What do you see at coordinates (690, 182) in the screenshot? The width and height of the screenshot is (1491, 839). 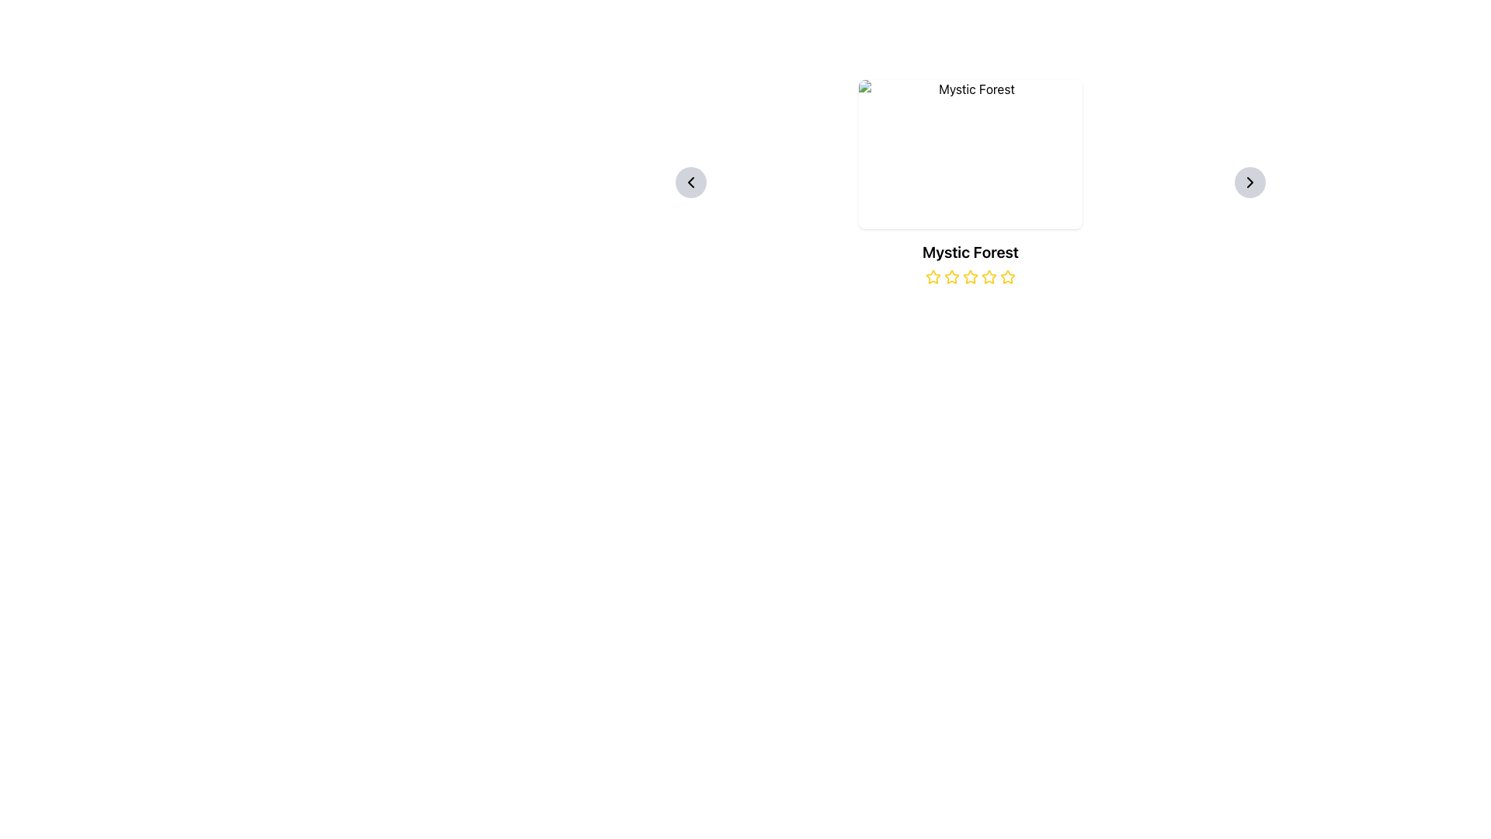 I see `the left-pointing chevron arrow icon within its circular button` at bounding box center [690, 182].